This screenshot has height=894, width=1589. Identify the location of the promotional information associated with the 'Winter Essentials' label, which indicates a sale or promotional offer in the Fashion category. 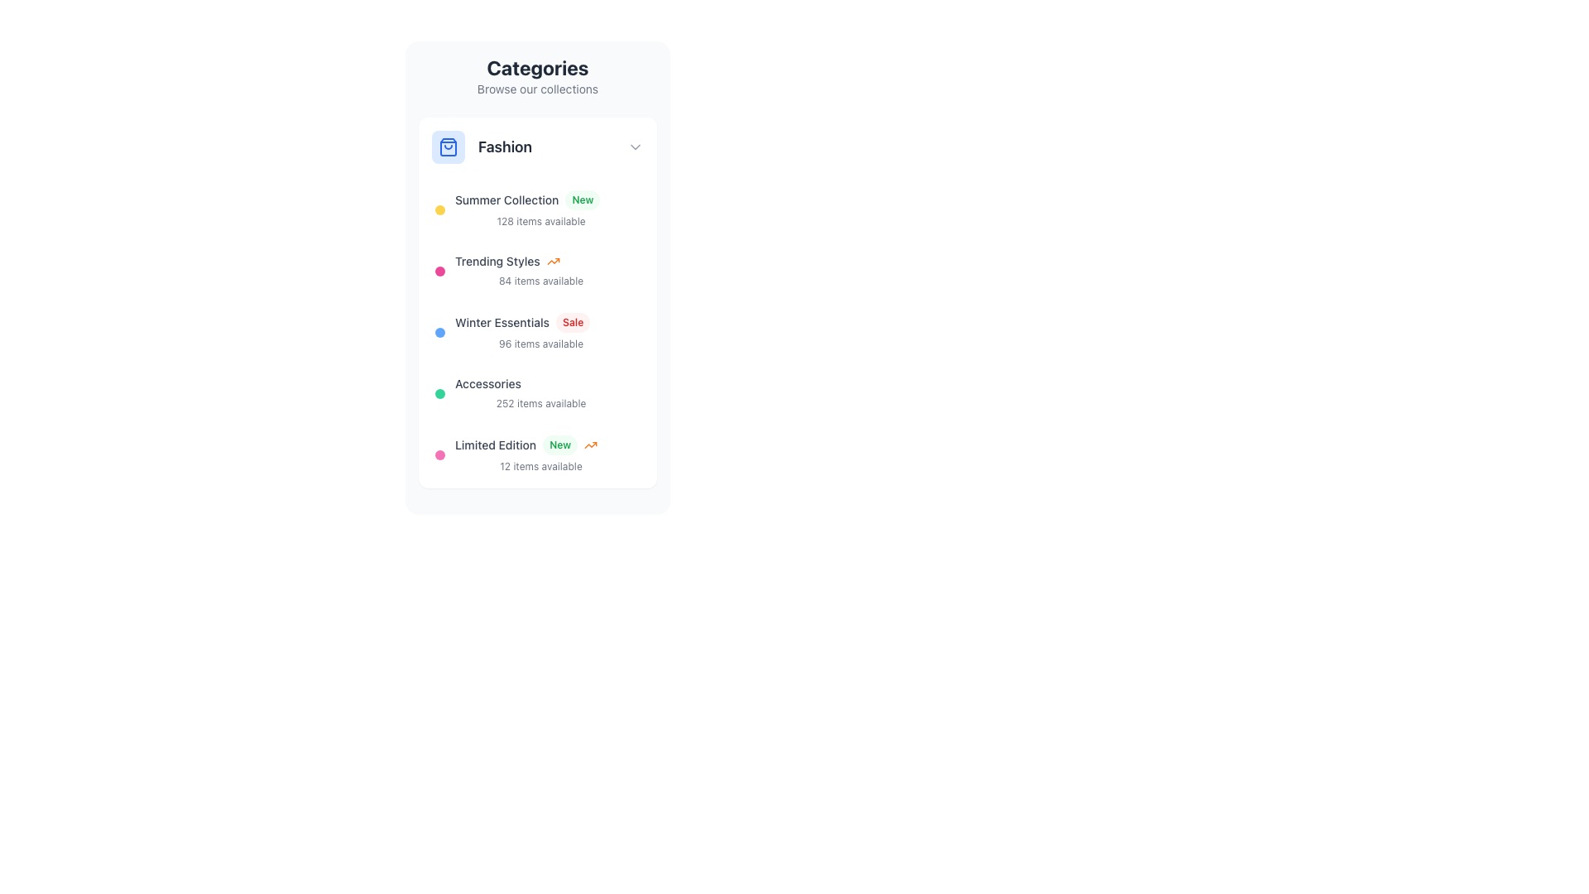
(573, 322).